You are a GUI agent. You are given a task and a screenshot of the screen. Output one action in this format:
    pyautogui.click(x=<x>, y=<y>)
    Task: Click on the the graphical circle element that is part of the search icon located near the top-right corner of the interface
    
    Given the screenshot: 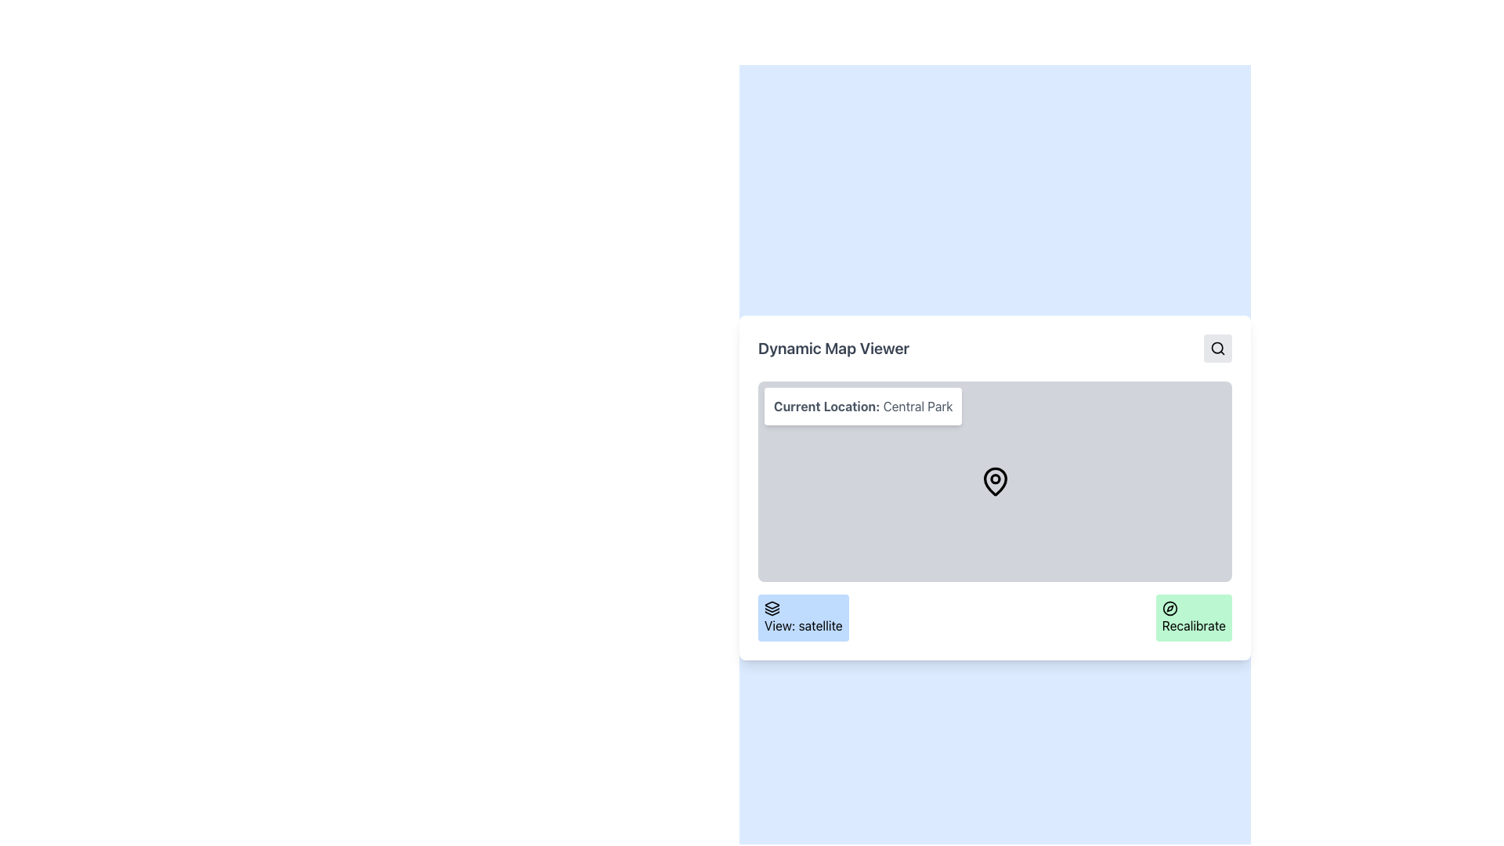 What is the action you would take?
    pyautogui.click(x=1217, y=347)
    